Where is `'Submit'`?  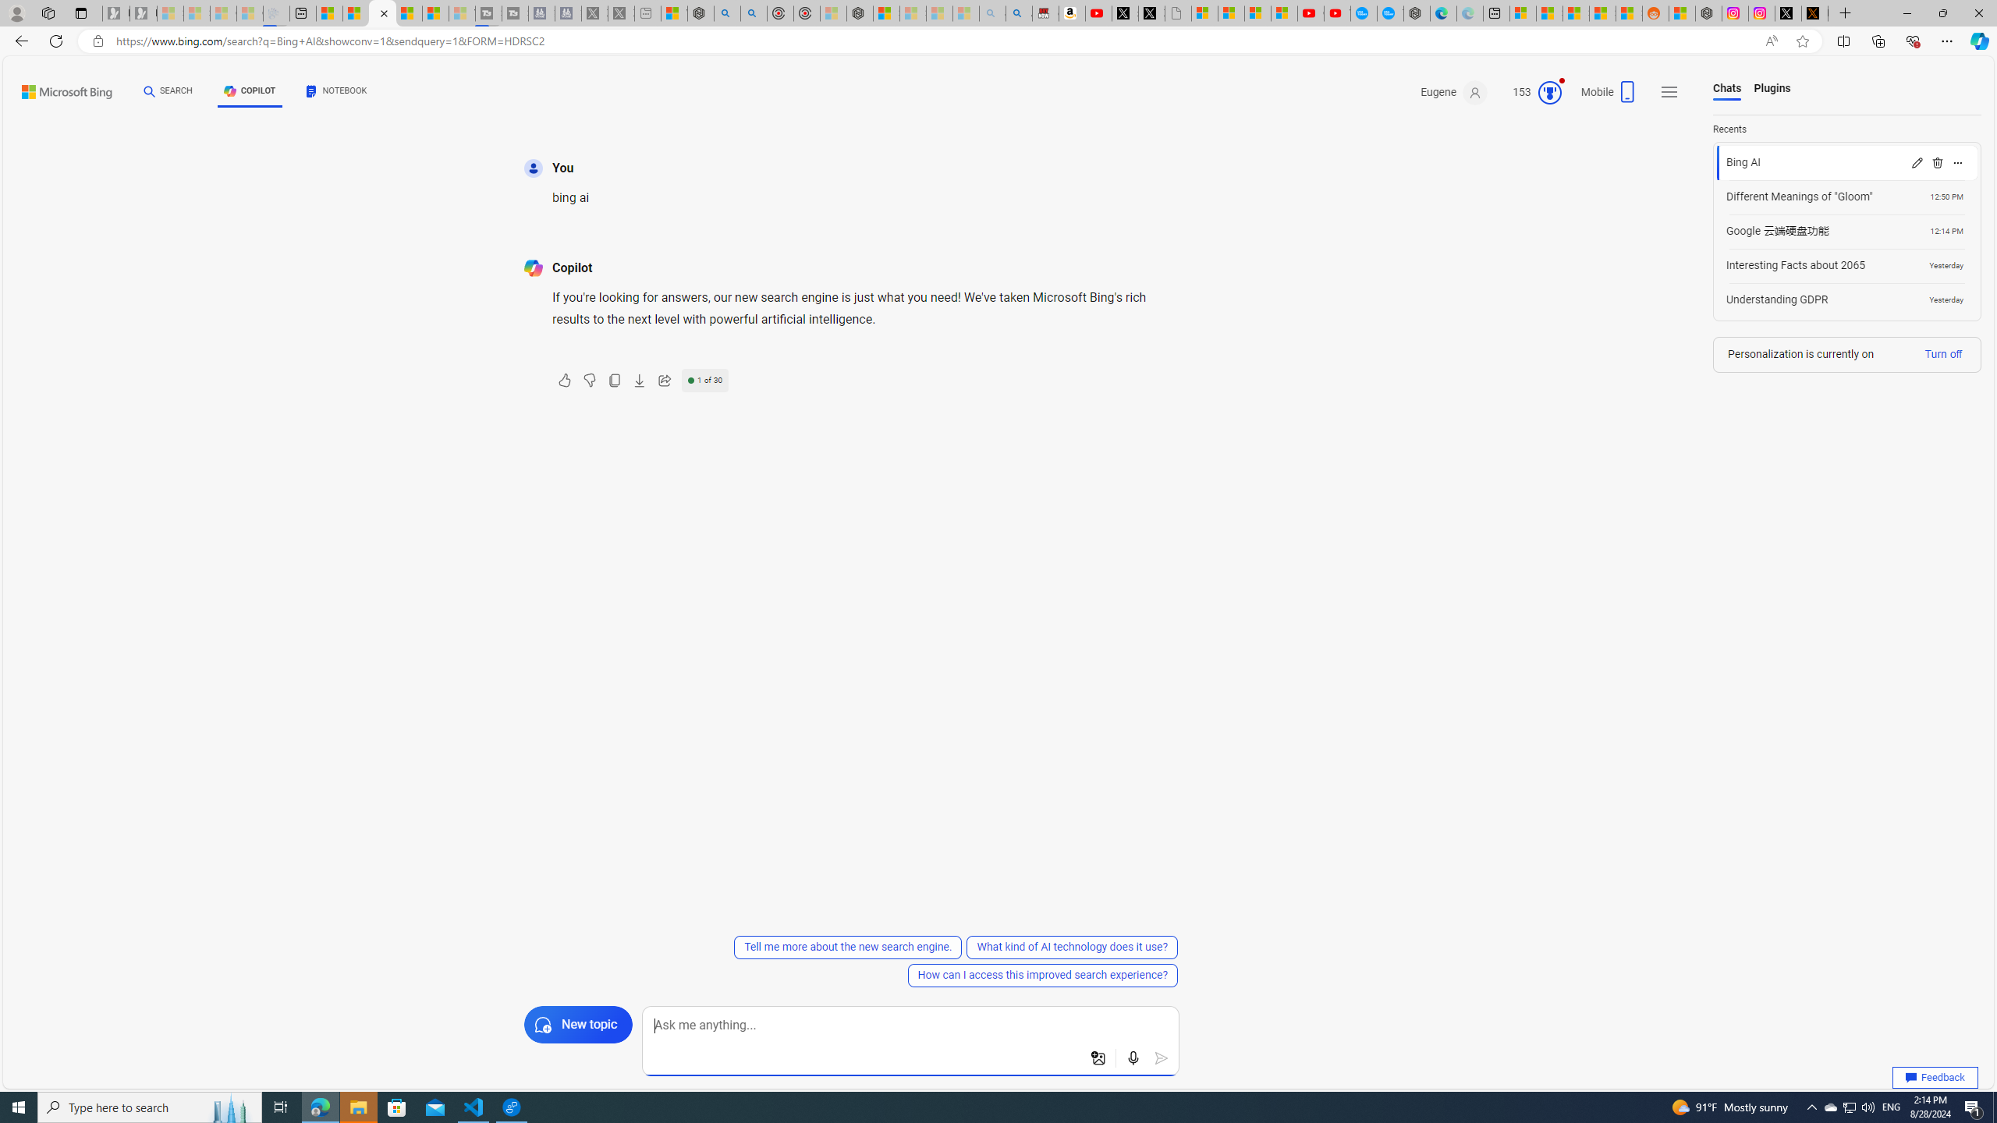 'Submit' is located at coordinates (1161, 1057).